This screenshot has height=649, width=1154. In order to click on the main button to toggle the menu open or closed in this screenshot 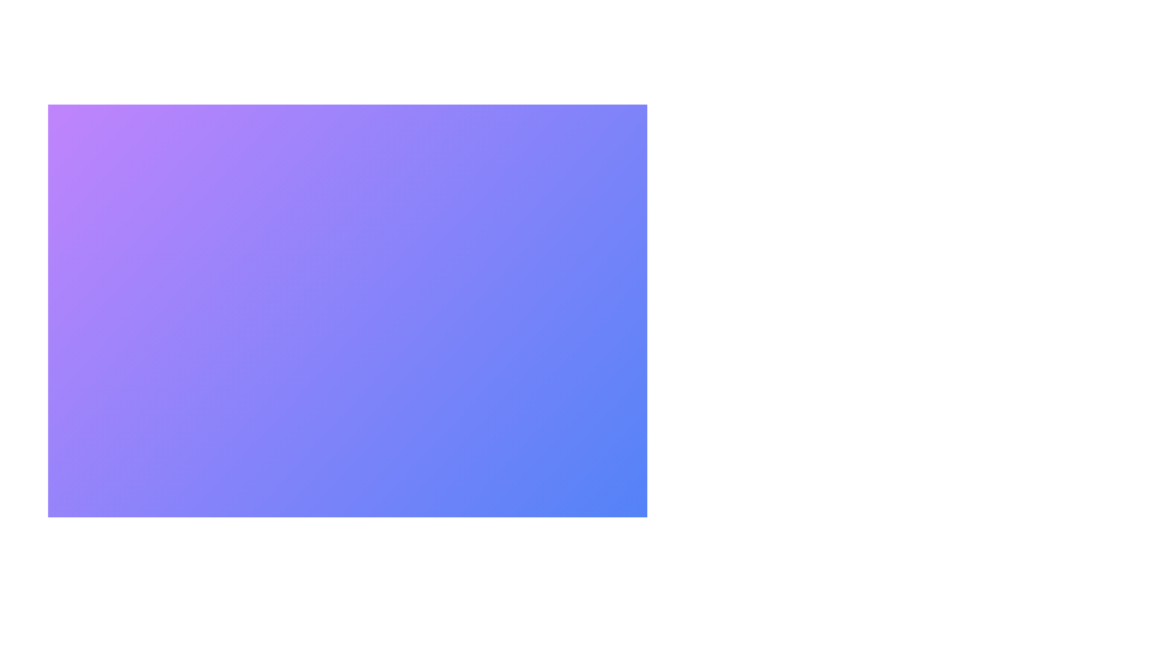, I will do `click(589, 590)`.